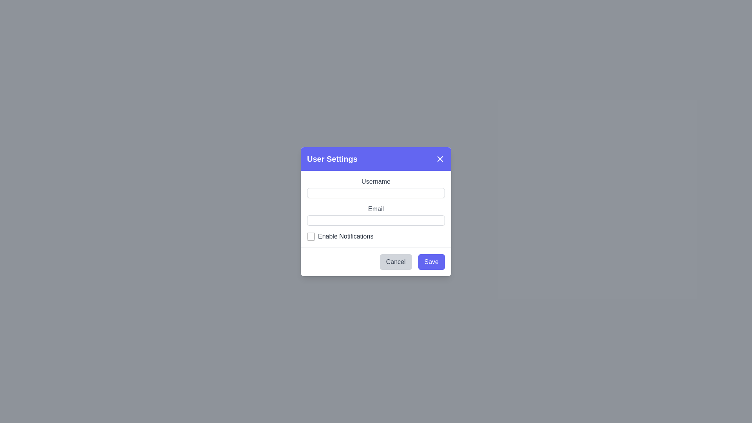  Describe the element at coordinates (440, 159) in the screenshot. I see `the Close button (an 'X' shaped SVG icon located in the top-right corner of the 'User Settings' modal's header)` at that location.